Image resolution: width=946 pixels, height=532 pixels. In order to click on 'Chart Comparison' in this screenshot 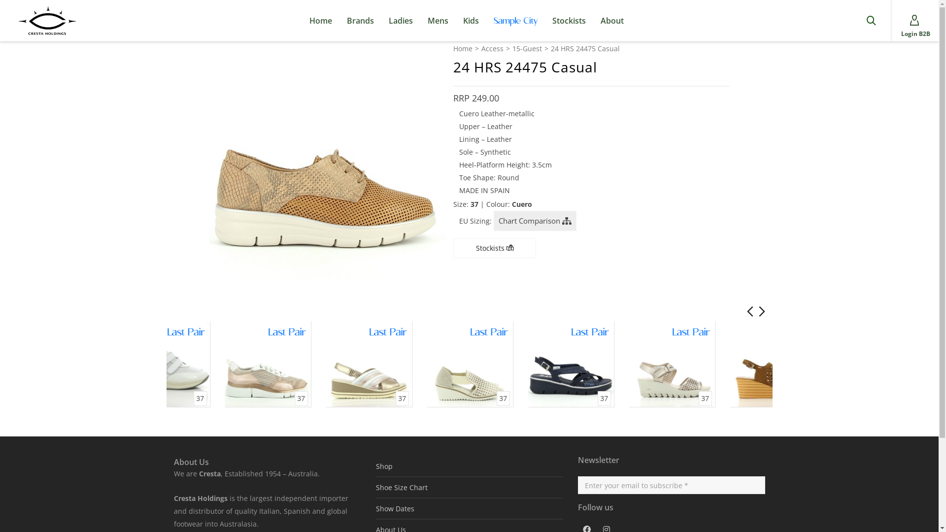, I will do `click(534, 220)`.